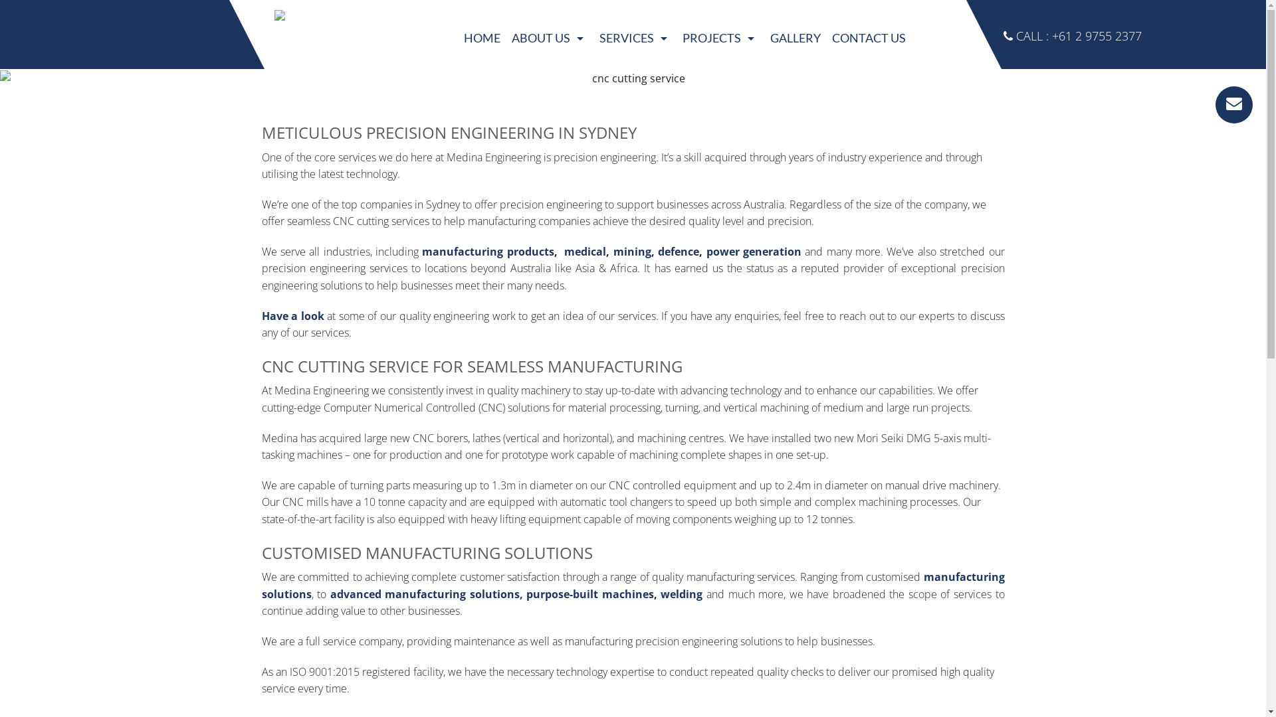  Describe the element at coordinates (292, 315) in the screenshot. I see `'Have a look'` at that location.